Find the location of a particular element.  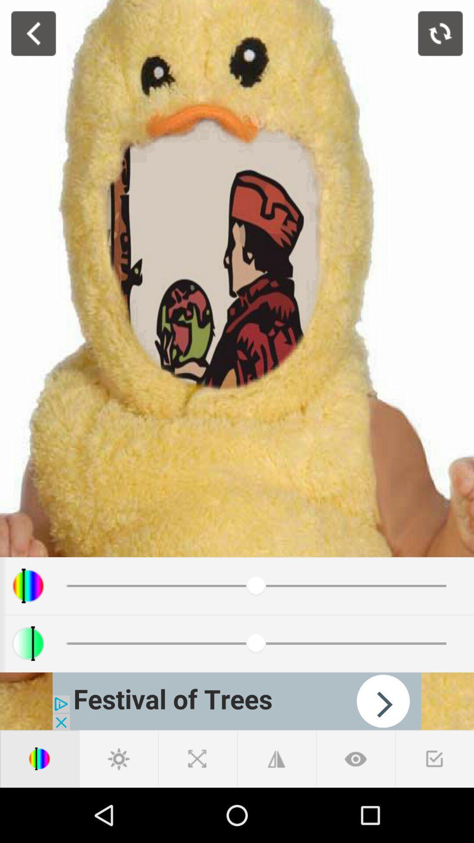

reload is located at coordinates (440, 33).